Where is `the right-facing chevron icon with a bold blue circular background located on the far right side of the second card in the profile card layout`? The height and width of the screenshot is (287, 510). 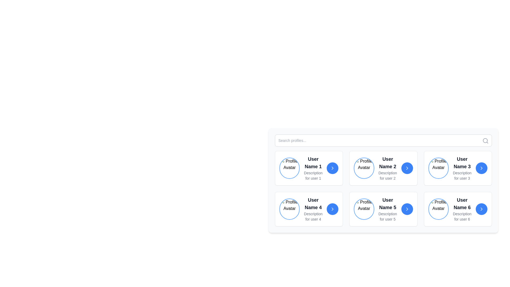 the right-facing chevron icon with a bold blue circular background located on the far right side of the second card in the profile card layout is located at coordinates (407, 168).